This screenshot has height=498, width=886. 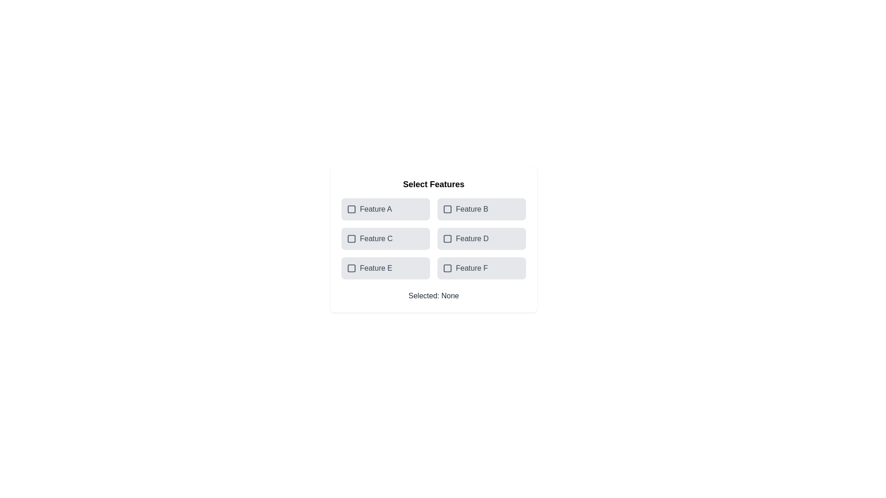 I want to click on the Checkbox Icon, so click(x=351, y=268).